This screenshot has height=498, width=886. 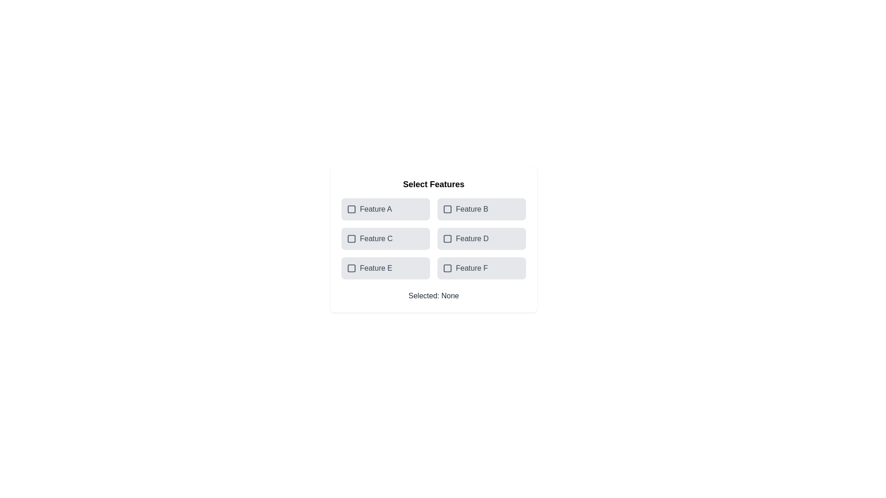 I want to click on the Checkbox Icon, so click(x=351, y=268).